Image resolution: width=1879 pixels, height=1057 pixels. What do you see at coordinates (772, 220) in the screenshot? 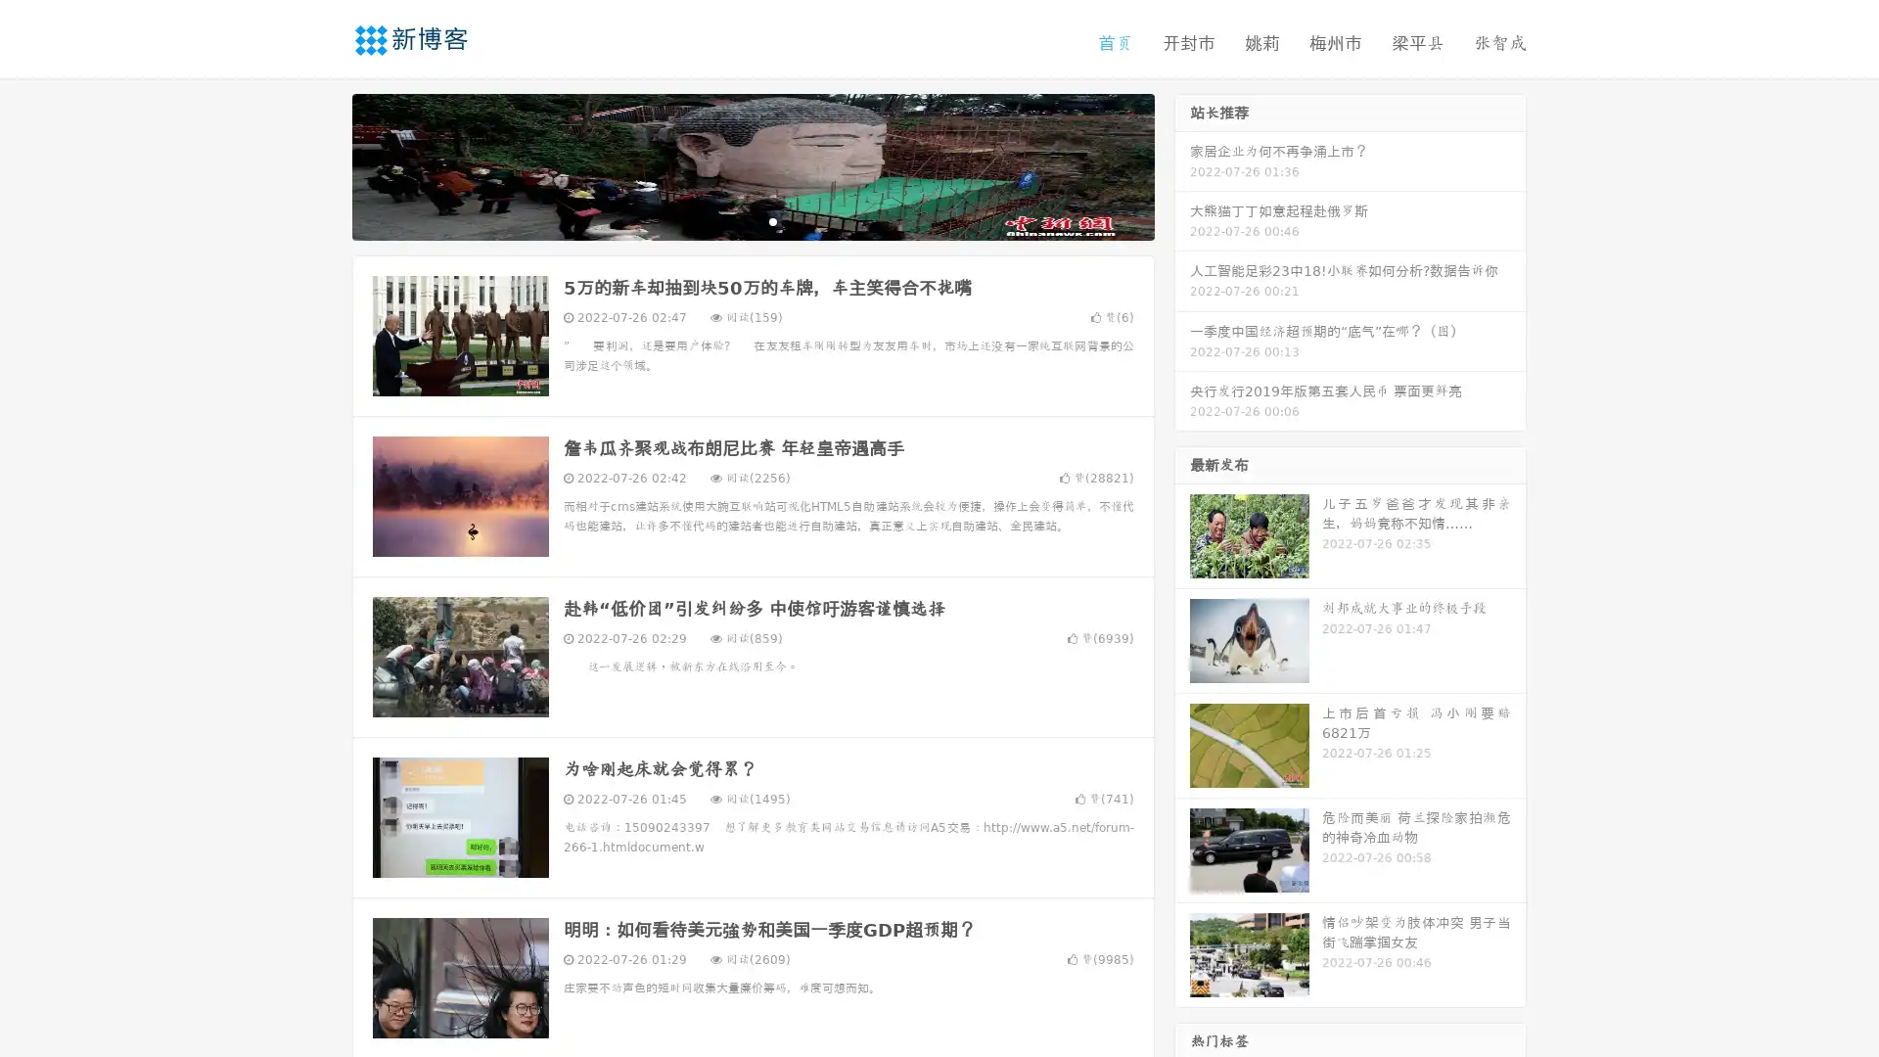
I see `Go to slide 3` at bounding box center [772, 220].